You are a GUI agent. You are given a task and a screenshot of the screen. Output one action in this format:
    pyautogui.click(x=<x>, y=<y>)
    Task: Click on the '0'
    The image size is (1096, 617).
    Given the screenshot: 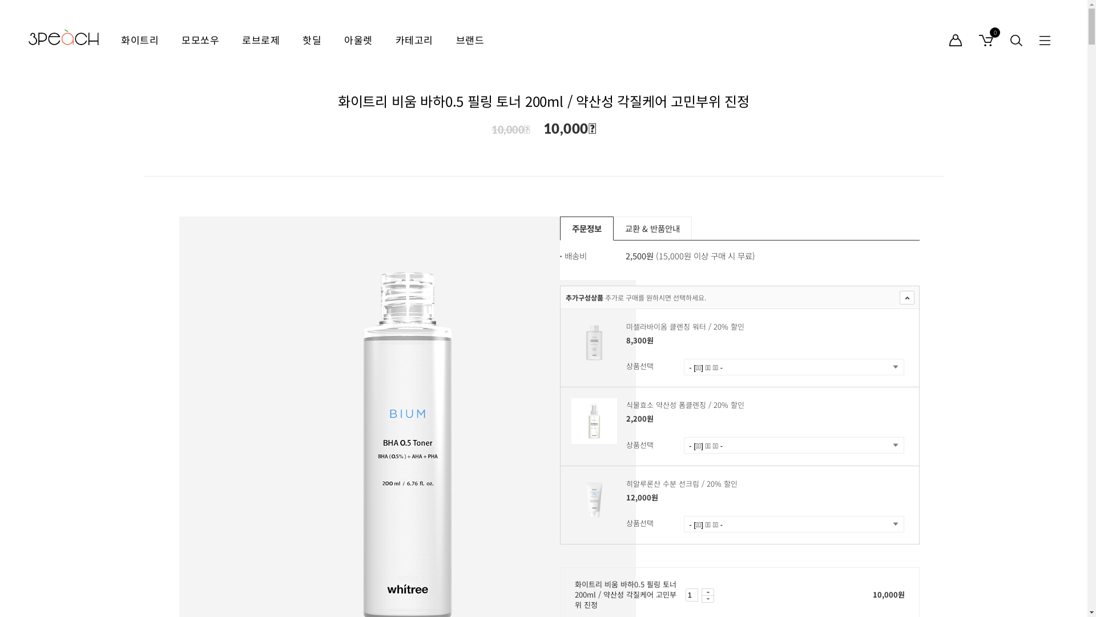 What is the action you would take?
    pyautogui.click(x=986, y=39)
    